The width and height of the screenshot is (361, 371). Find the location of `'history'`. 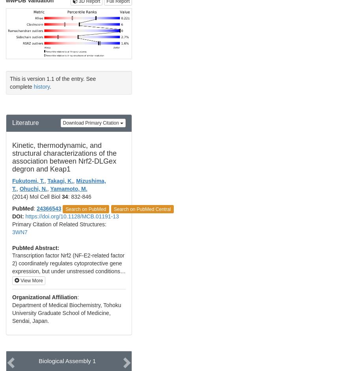

'history' is located at coordinates (41, 86).